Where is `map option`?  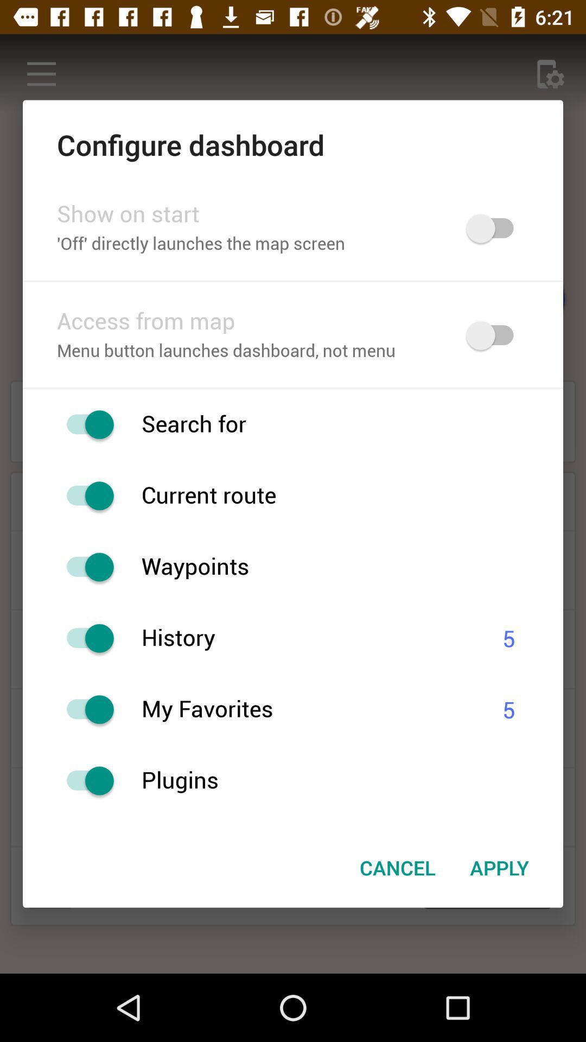
map option is located at coordinates (495, 335).